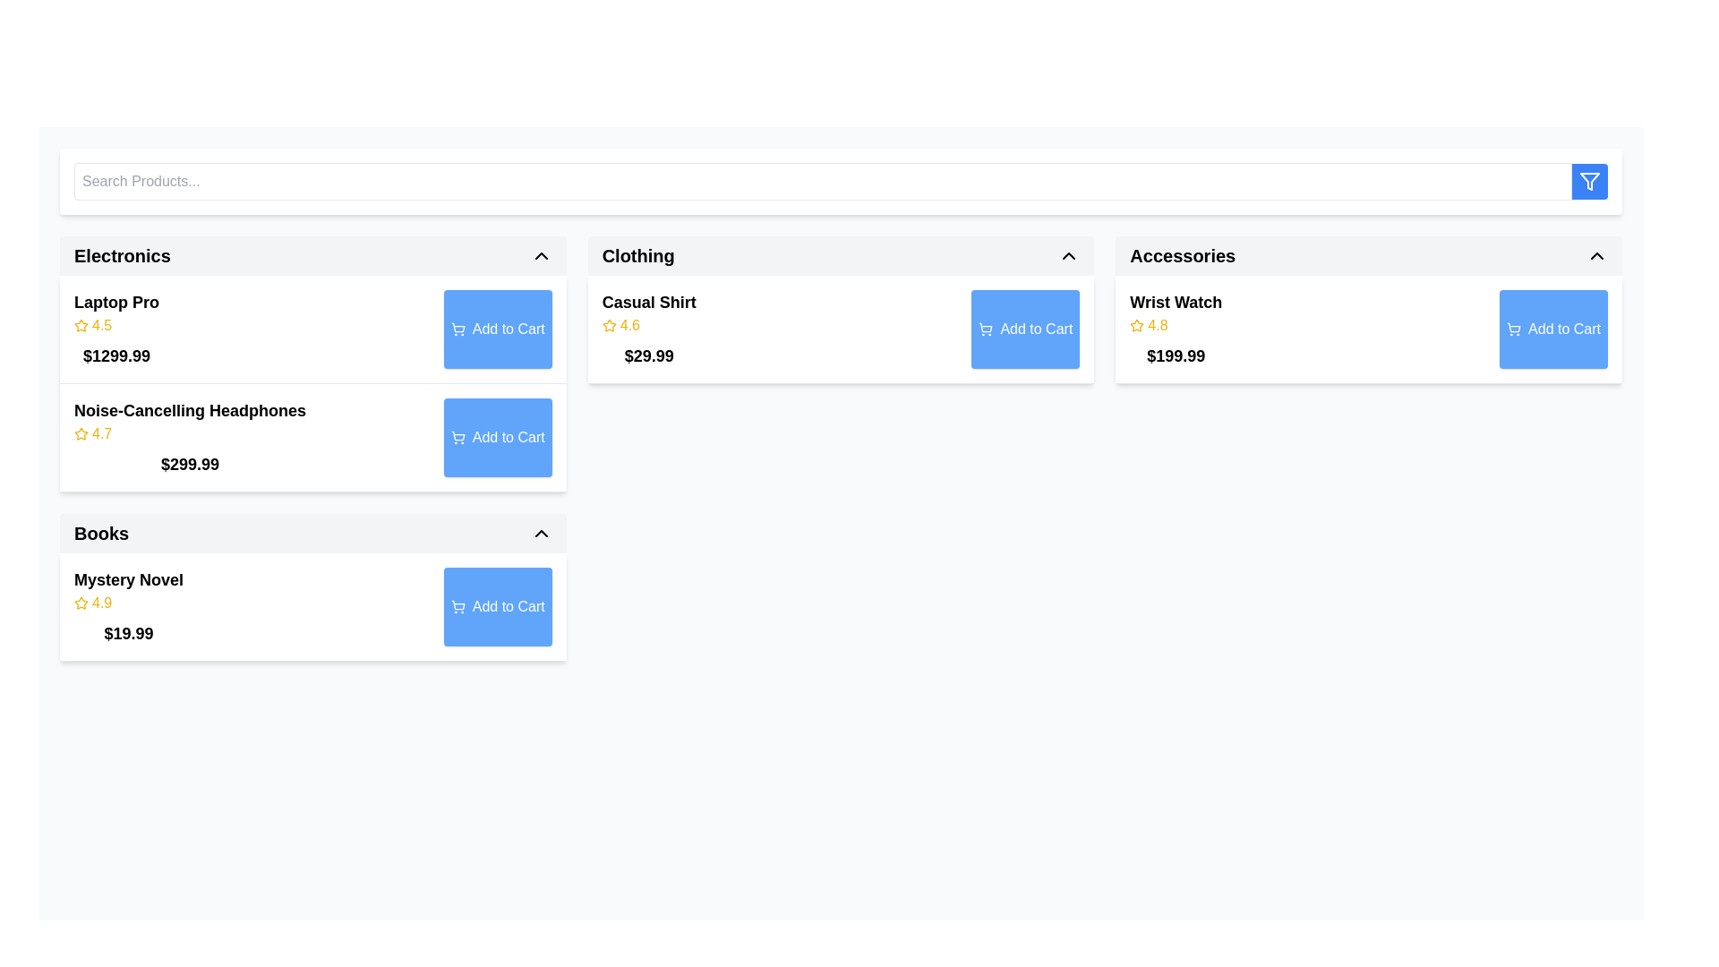 The height and width of the screenshot is (967, 1719). Describe the element at coordinates (81, 433) in the screenshot. I see `the star-shaped icon outlined in yellow that represents a rating of '4.7' for the Noise-Cancelling Headphones in the Electronics section` at that location.